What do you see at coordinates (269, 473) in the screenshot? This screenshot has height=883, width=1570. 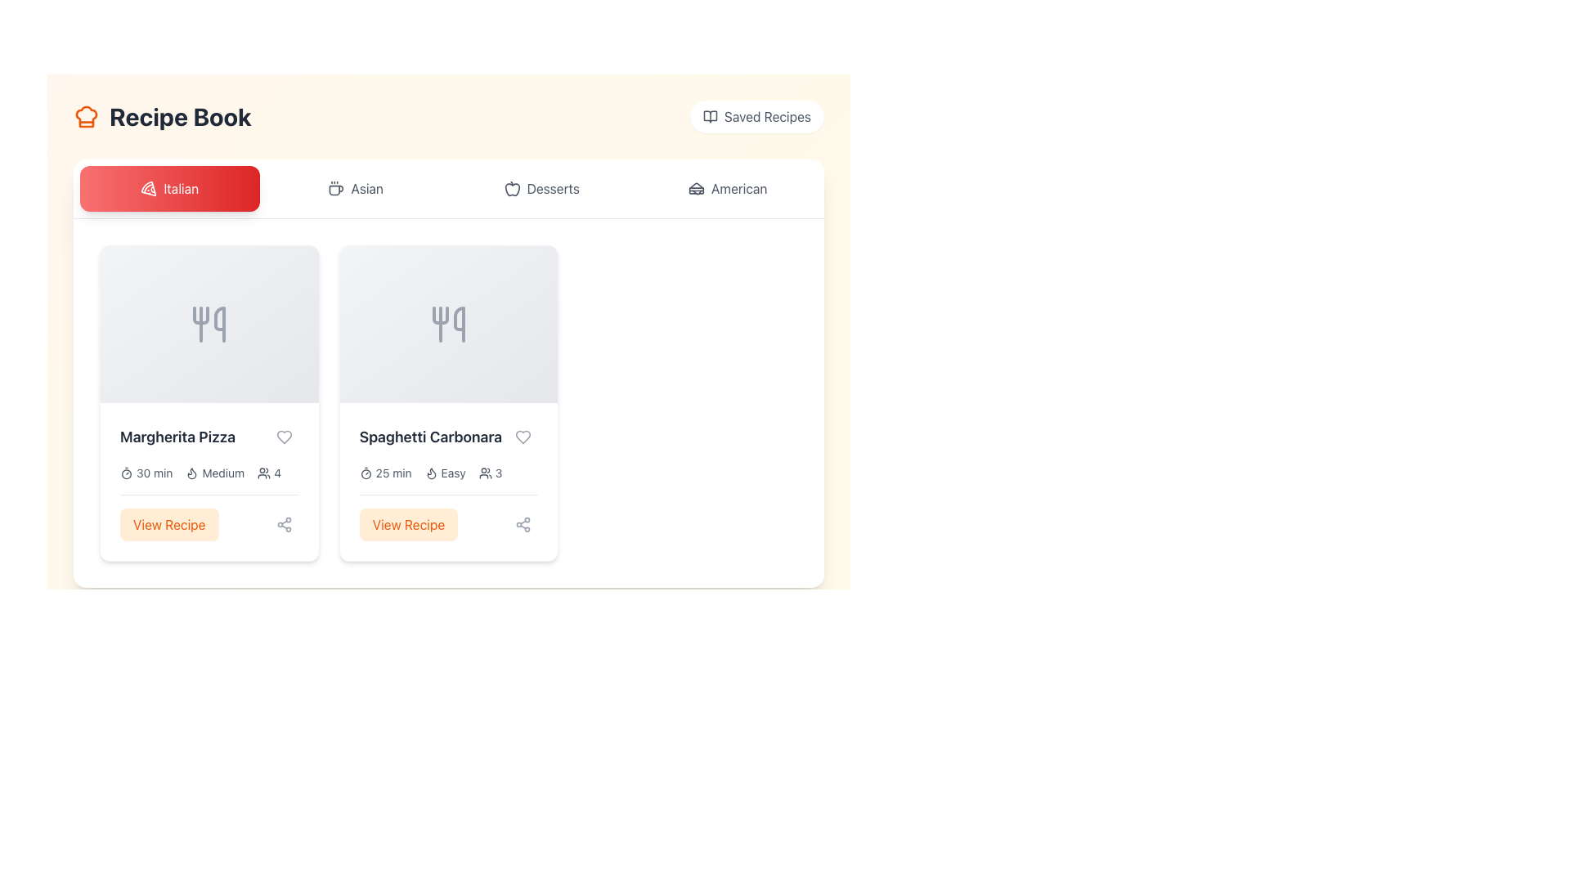 I see `the label displaying the number '4' with a group icon, which is the third item in the horizontal group under the 'Margherita Pizza' recipe card, positioned to the right of the 'Medium' difficulty label` at bounding box center [269, 473].